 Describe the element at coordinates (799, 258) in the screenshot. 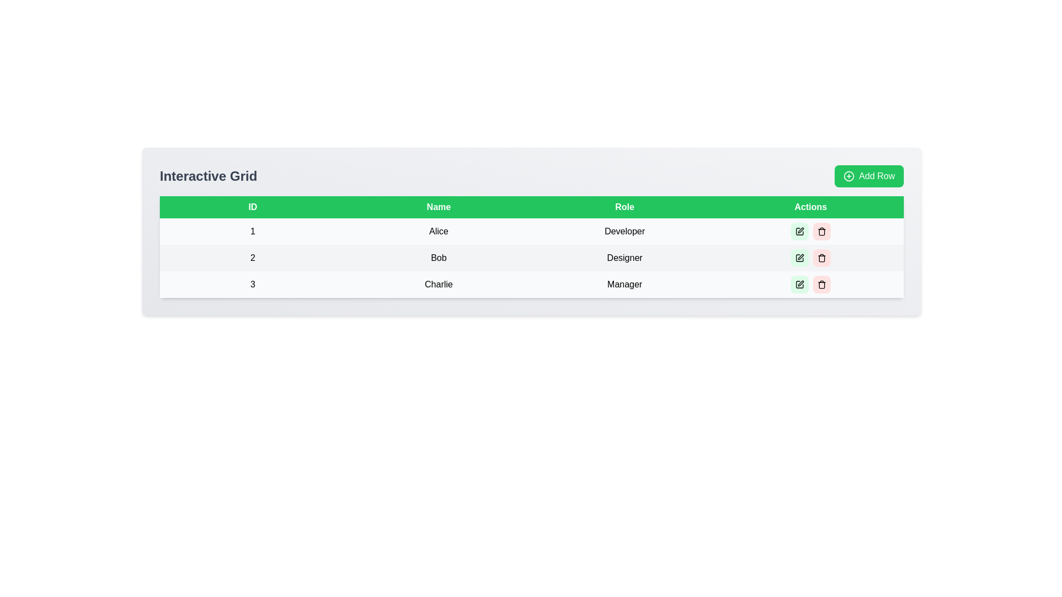

I see `the edit icon in the 'Actions' column of the second row corresponding to 'Bob, Designer' in the interactive grid` at that location.